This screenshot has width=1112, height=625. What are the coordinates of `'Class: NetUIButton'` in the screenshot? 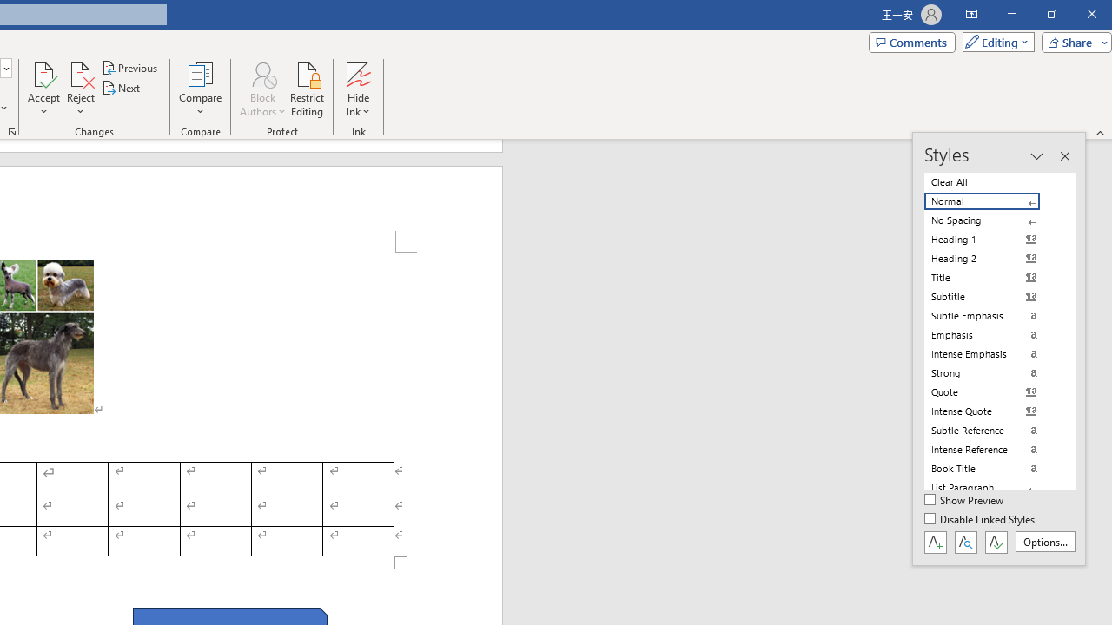 It's located at (996, 541).